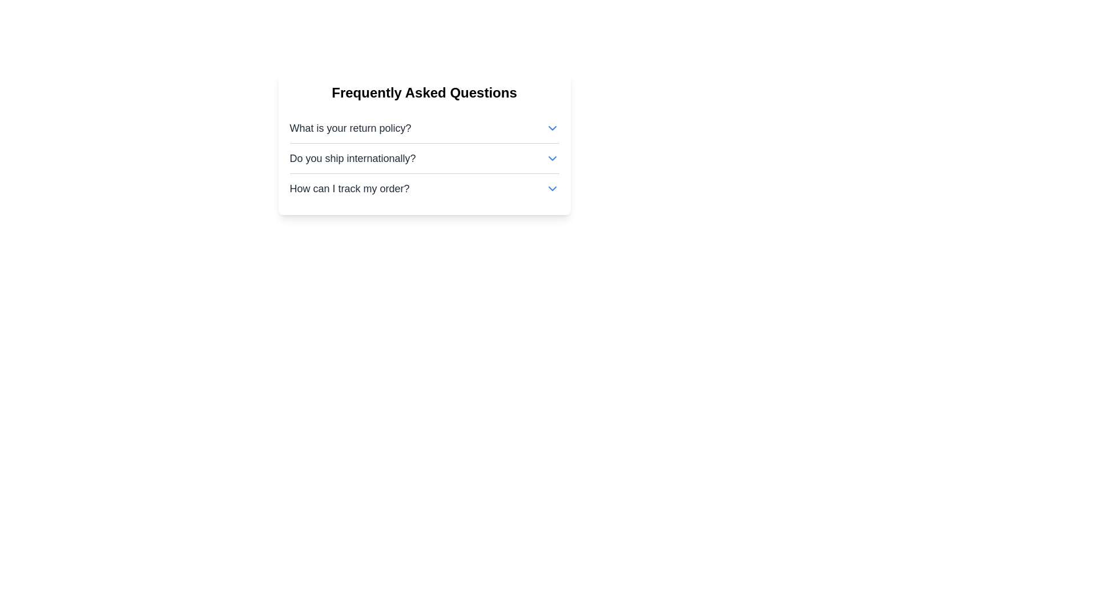  Describe the element at coordinates (424, 188) in the screenshot. I see `the third Expandable List Item` at that location.